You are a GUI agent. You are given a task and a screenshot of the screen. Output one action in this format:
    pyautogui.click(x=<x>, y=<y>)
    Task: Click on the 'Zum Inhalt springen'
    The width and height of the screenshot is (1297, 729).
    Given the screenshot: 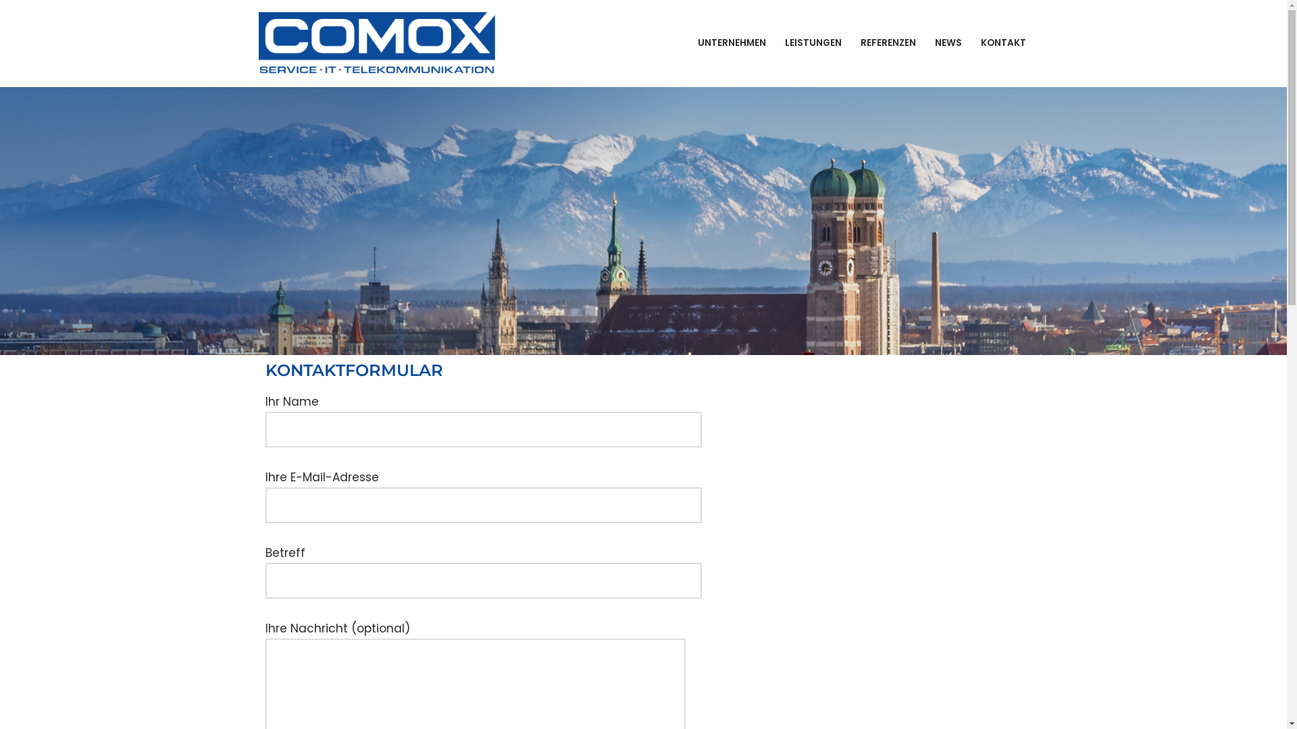 What is the action you would take?
    pyautogui.click(x=0, y=28)
    